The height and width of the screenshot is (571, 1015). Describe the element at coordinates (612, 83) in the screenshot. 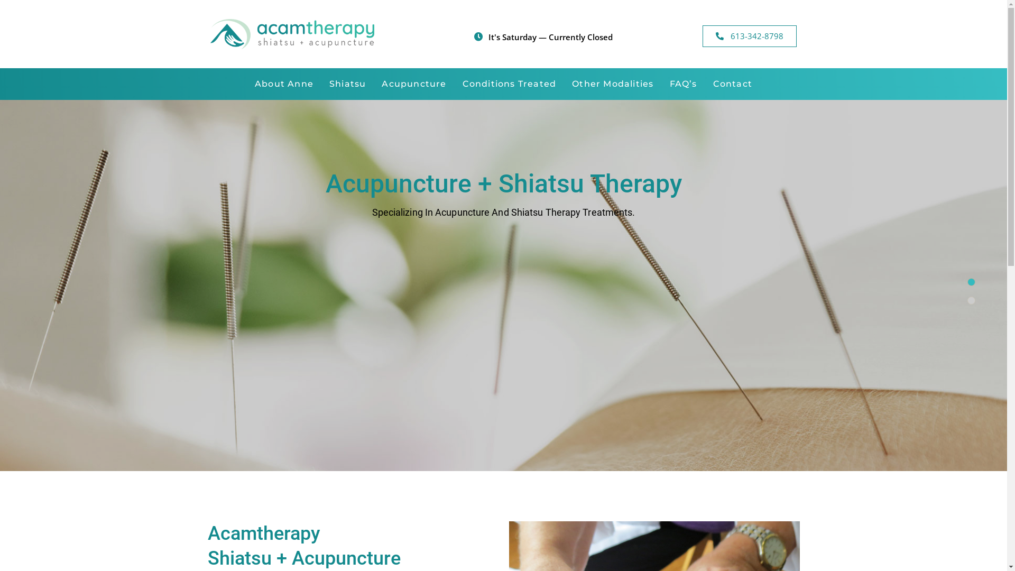

I see `'Other Modalities'` at that location.